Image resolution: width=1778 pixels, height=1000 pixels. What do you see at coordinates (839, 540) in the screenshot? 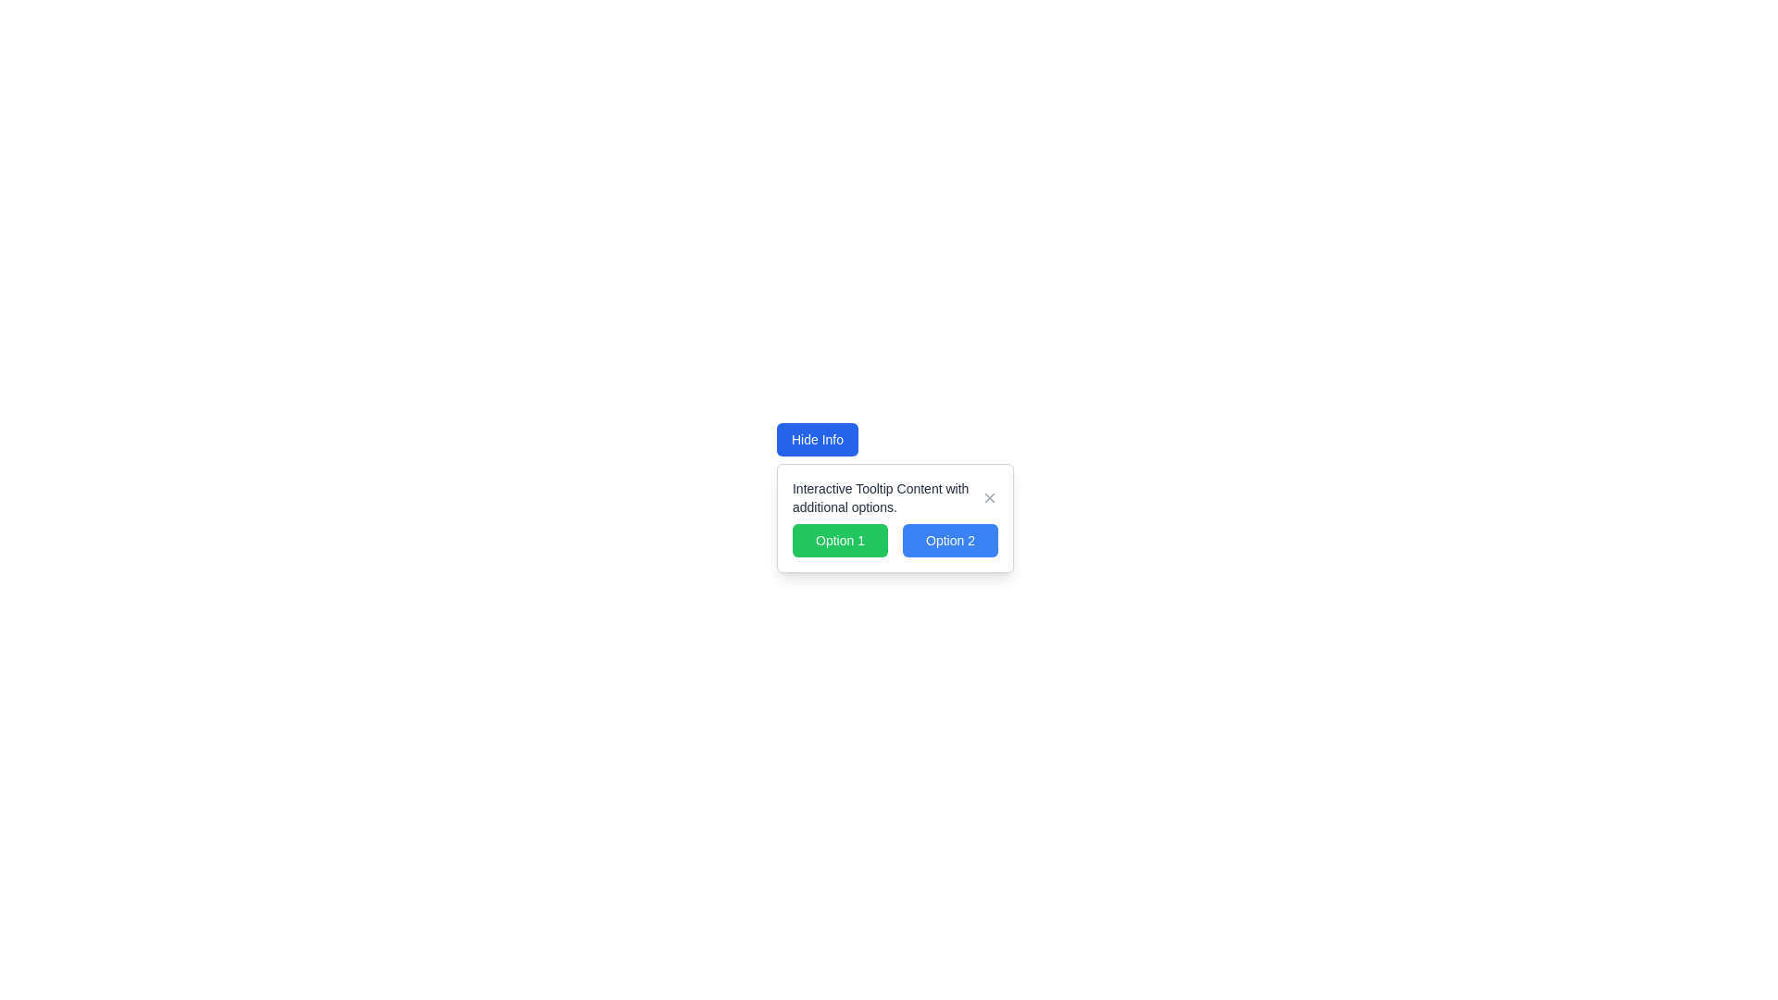
I see `the interactive choice button for 'Option 1'` at bounding box center [839, 540].